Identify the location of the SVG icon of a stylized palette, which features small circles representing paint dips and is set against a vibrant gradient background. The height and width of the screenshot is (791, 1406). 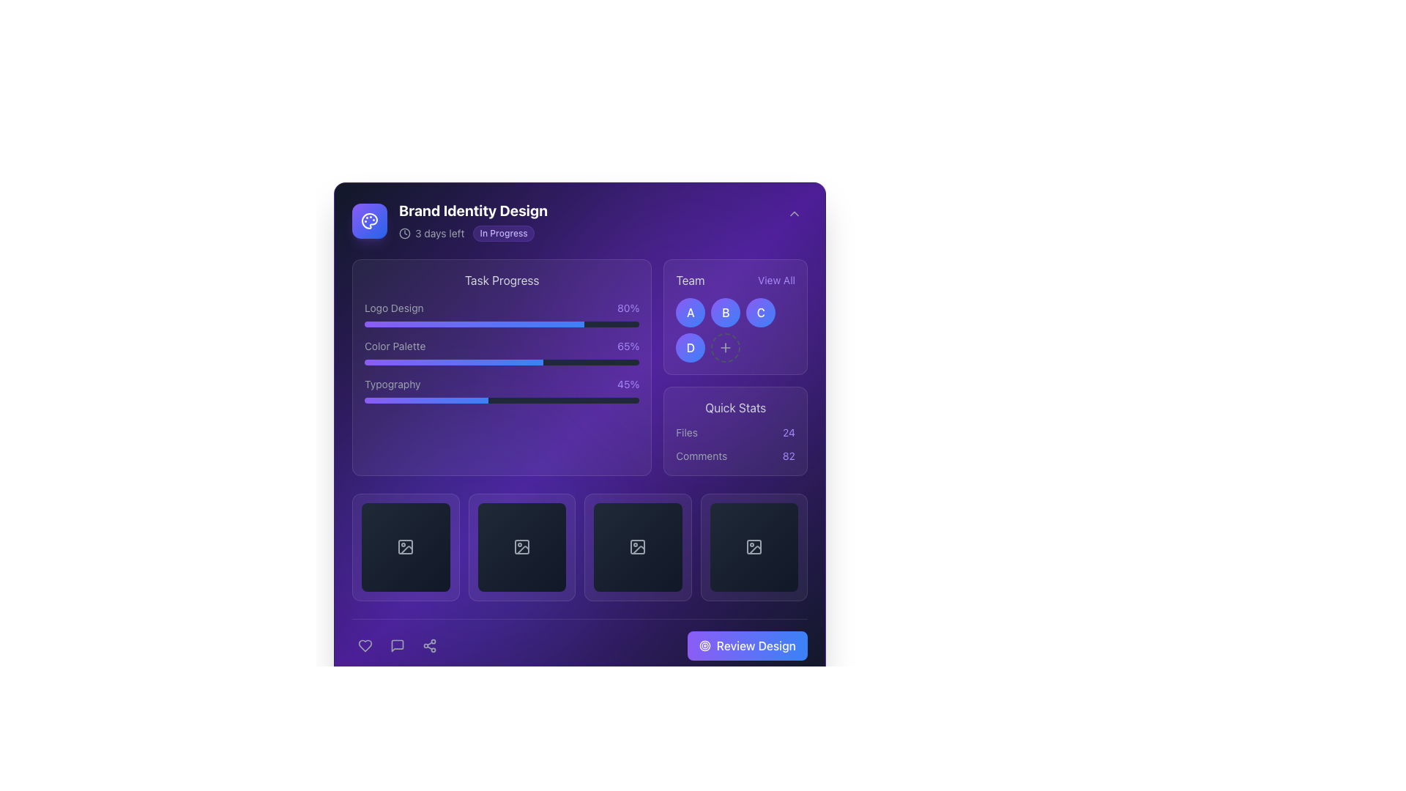
(369, 220).